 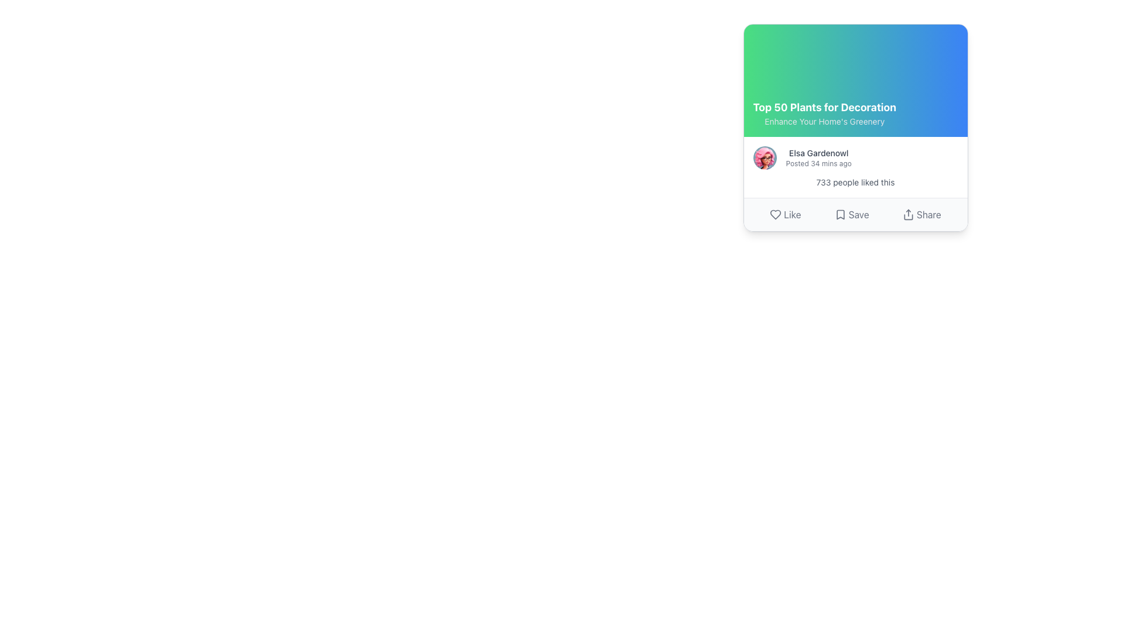 I want to click on the static text label indicating the posting time of an activity or content, located below 'Elsa Gardenowl' and above the engagement information, so click(x=818, y=164).